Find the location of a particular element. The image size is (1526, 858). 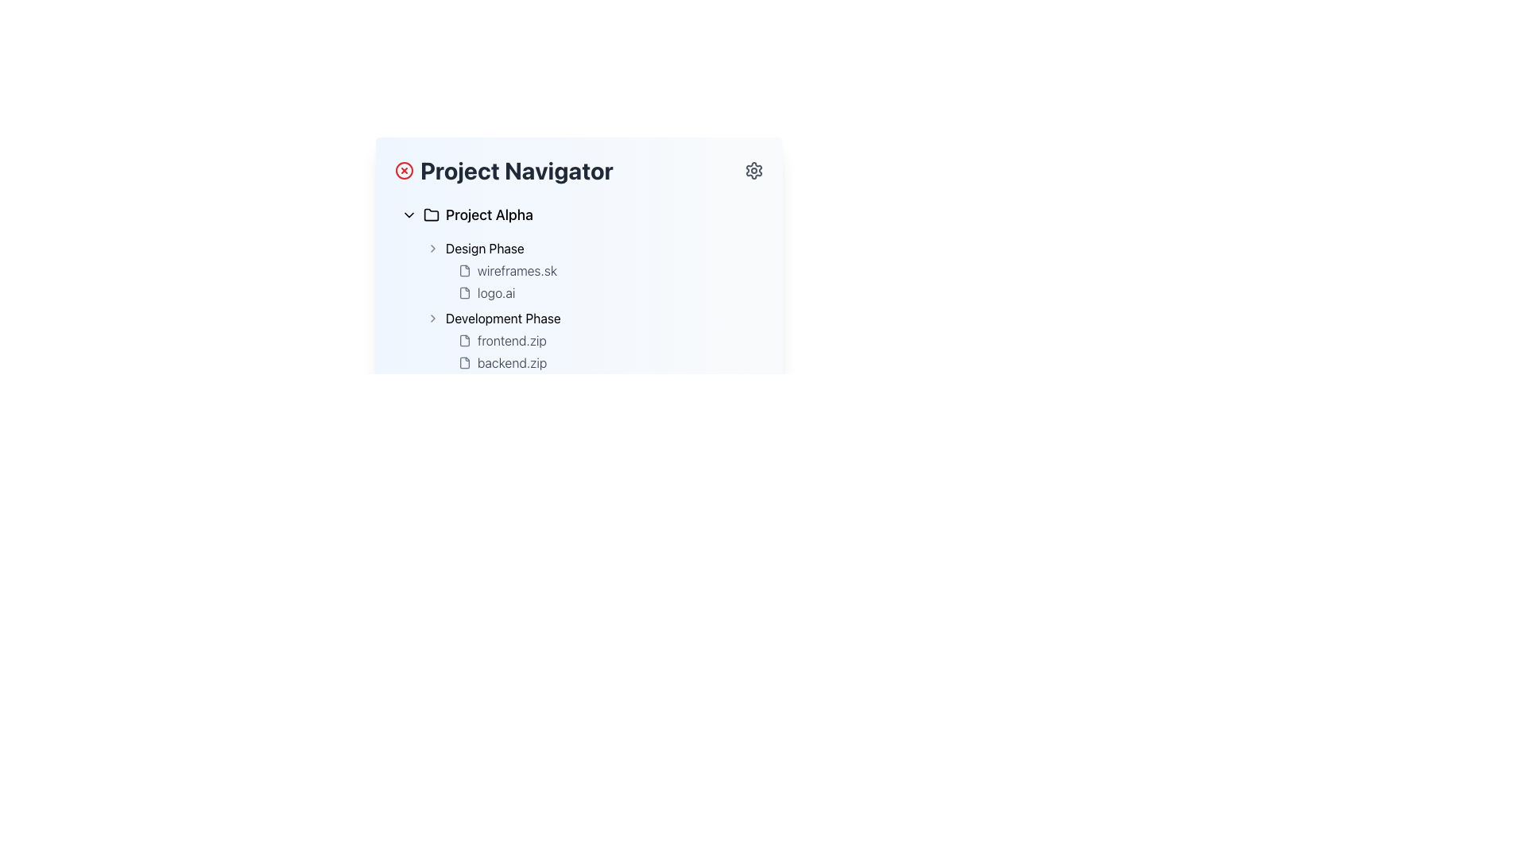

the file icon element located in the 'Design Phase' section of the 'Project Navigator', which is characterized by a rectangular outline with a folded corner on the top right, positioned to the left of 'wireframes.sk' is located at coordinates (464, 269).